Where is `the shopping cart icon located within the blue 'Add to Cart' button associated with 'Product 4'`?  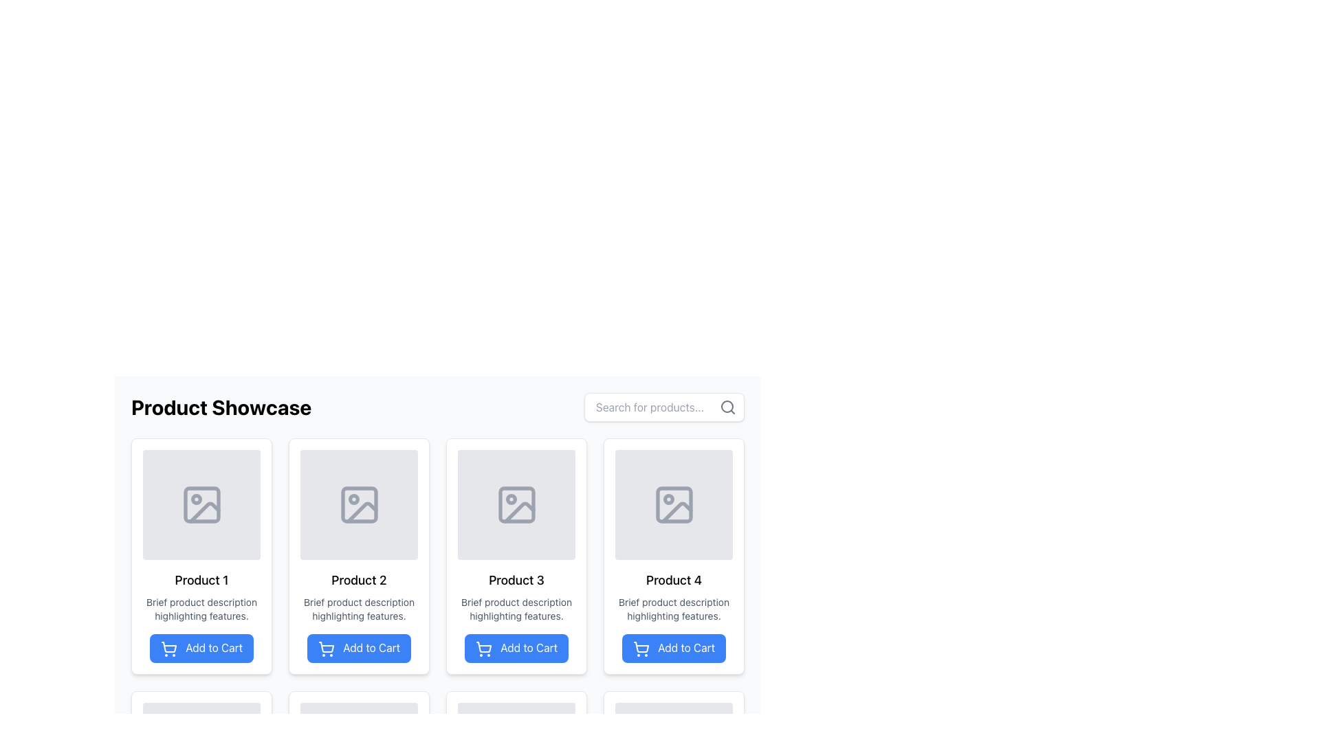
the shopping cart icon located within the blue 'Add to Cart' button associated with 'Product 4' is located at coordinates (640, 649).